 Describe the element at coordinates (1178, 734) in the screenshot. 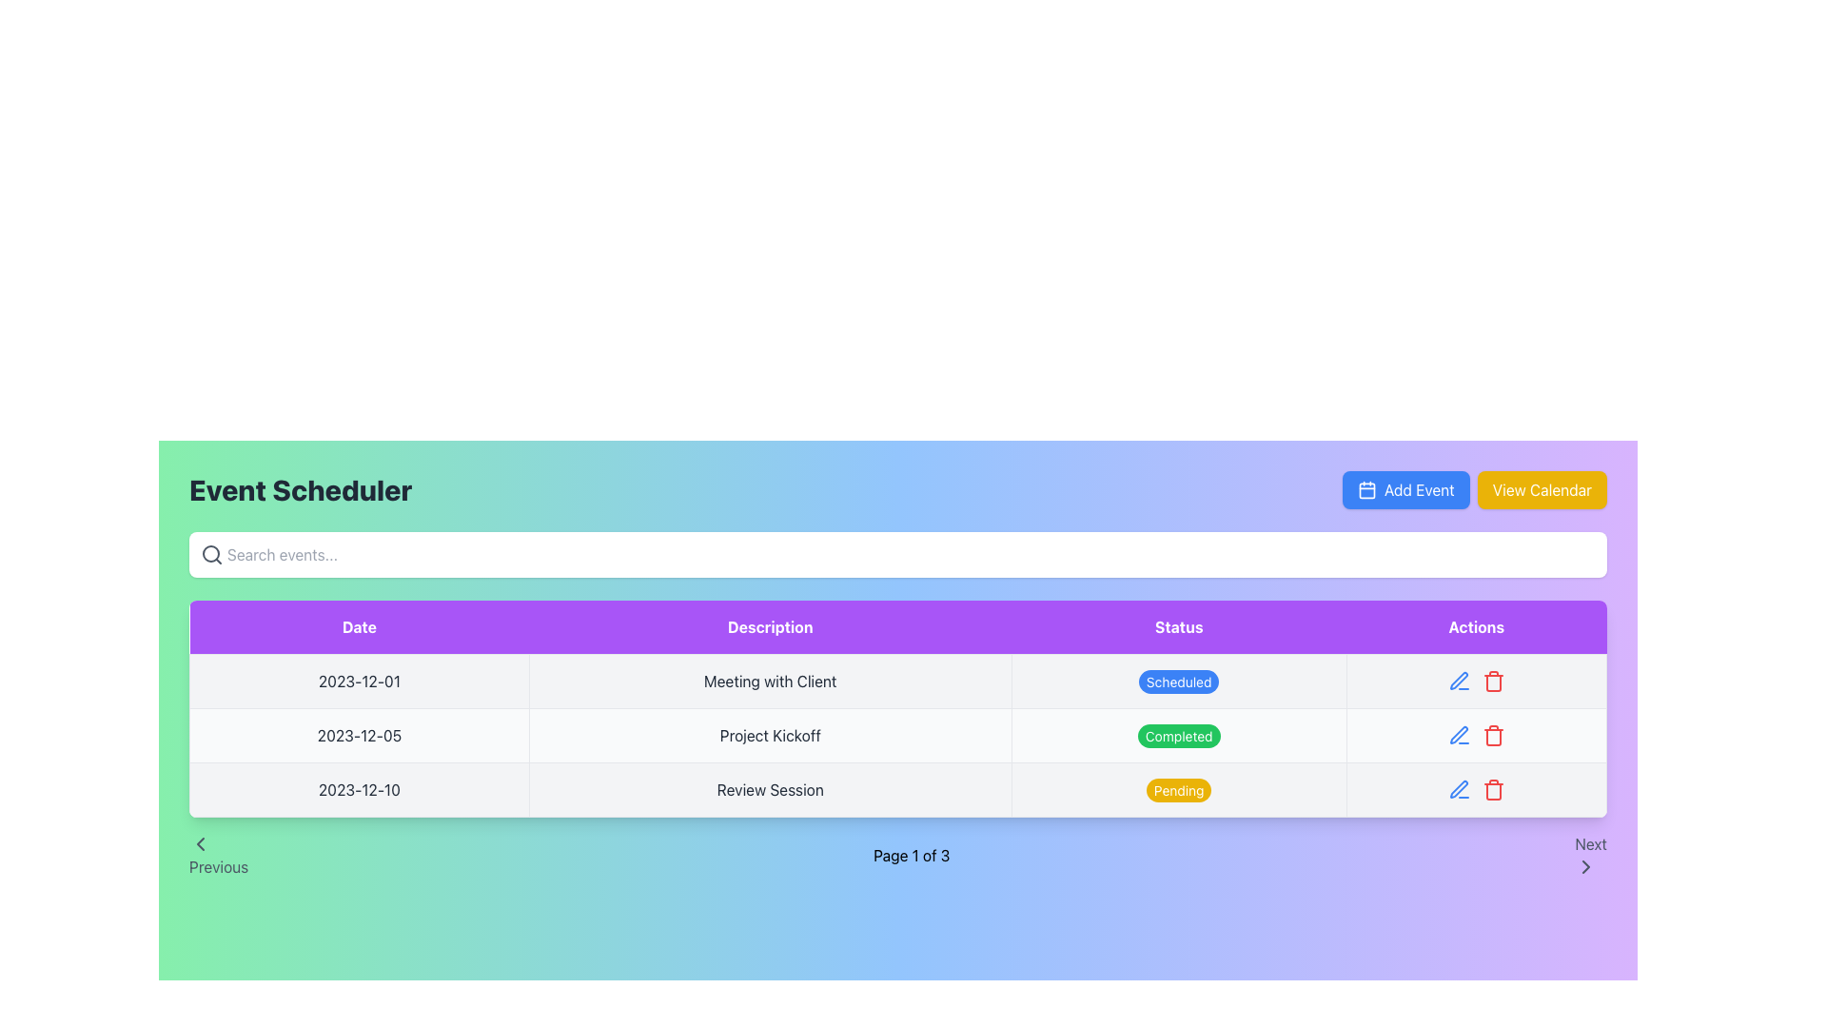

I see `the green label with the text 'Completed' in the 'Status' column of the table for the item 'Project Kickoff'` at that location.